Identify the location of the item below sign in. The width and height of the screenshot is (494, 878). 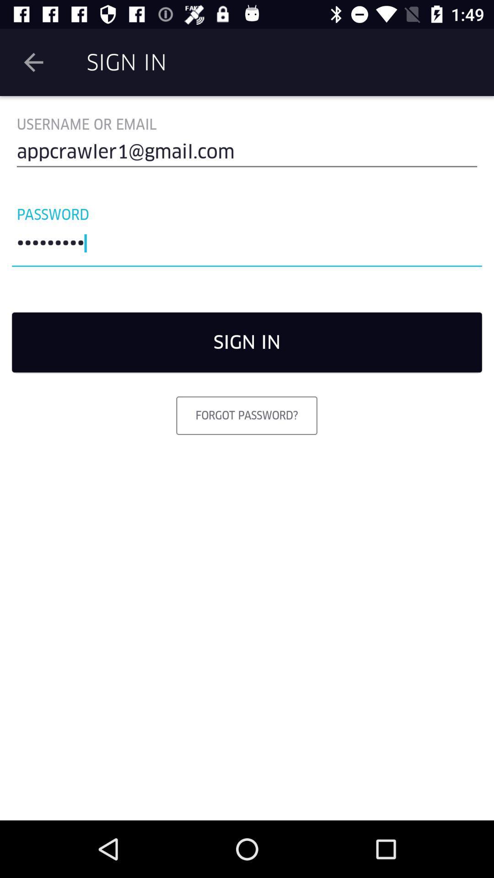
(246, 415).